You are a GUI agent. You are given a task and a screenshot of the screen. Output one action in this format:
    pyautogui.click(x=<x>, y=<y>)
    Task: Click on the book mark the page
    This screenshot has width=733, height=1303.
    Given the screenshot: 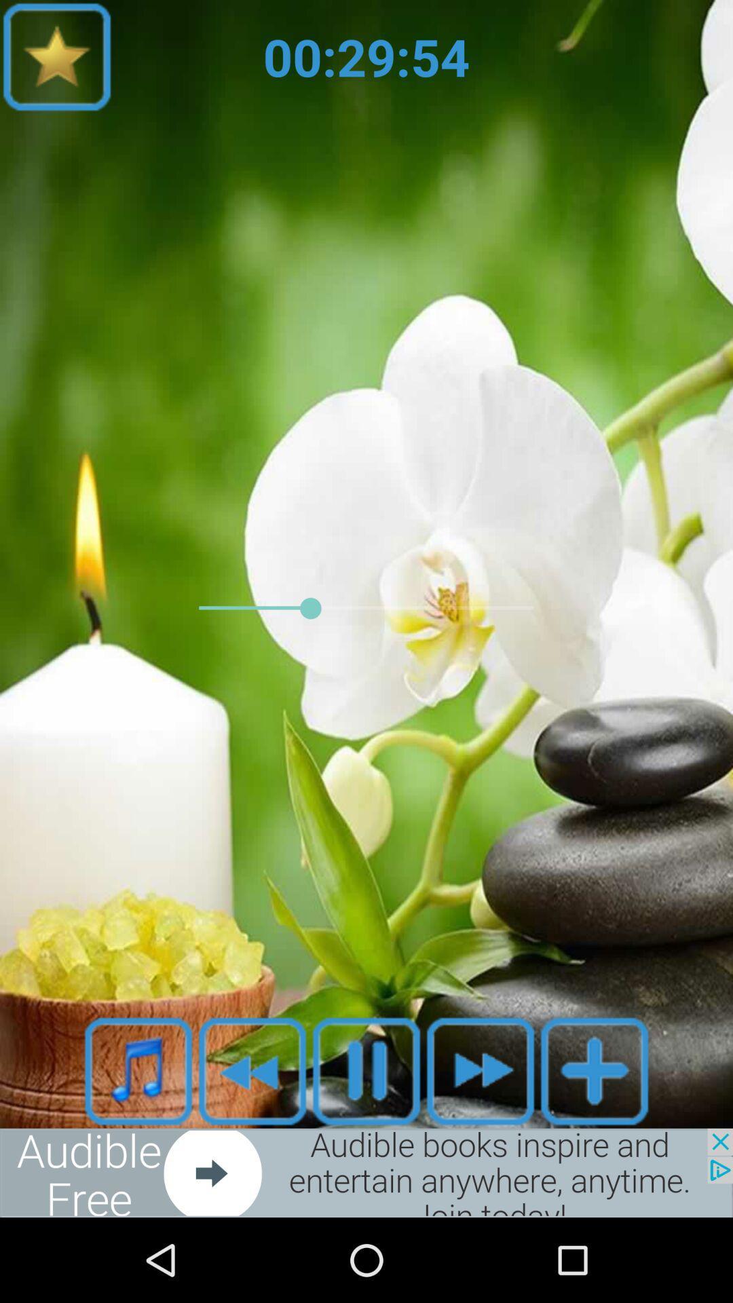 What is the action you would take?
    pyautogui.click(x=56, y=56)
    